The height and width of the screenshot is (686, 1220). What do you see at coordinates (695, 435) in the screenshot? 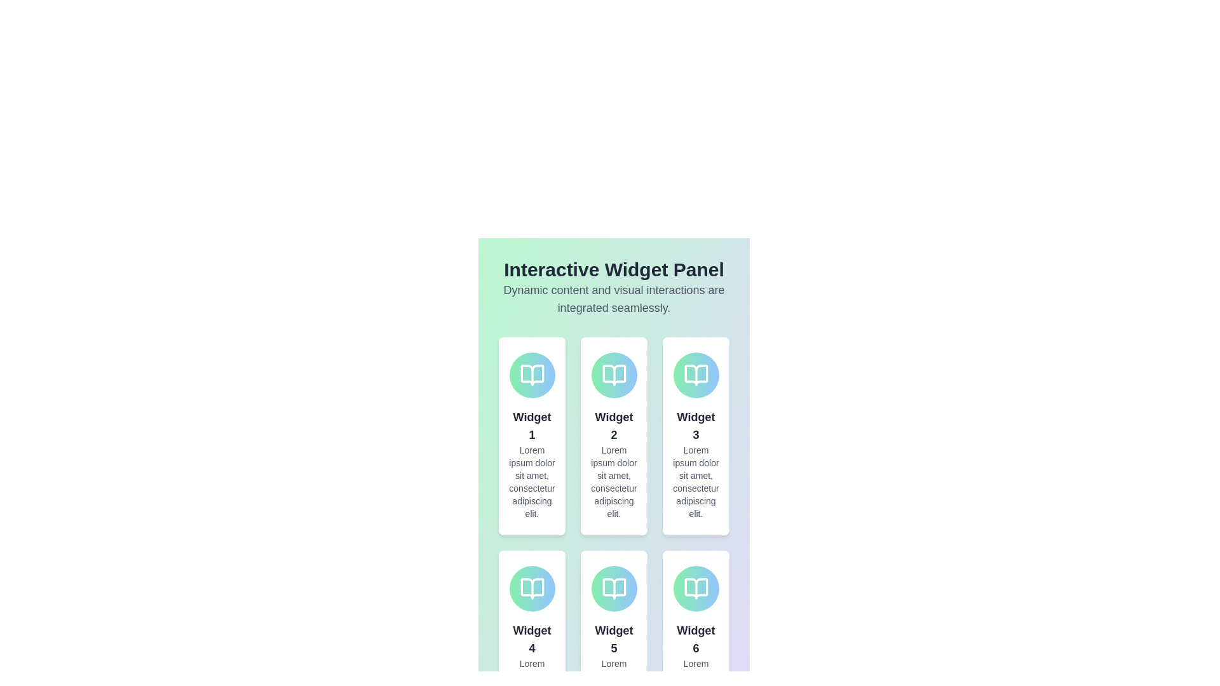
I see `the 'Widget 3' card, which is a vertically-oriented rectangular card with a white background, rounded corners, and a gradient-filled circular icon at the top` at bounding box center [695, 435].